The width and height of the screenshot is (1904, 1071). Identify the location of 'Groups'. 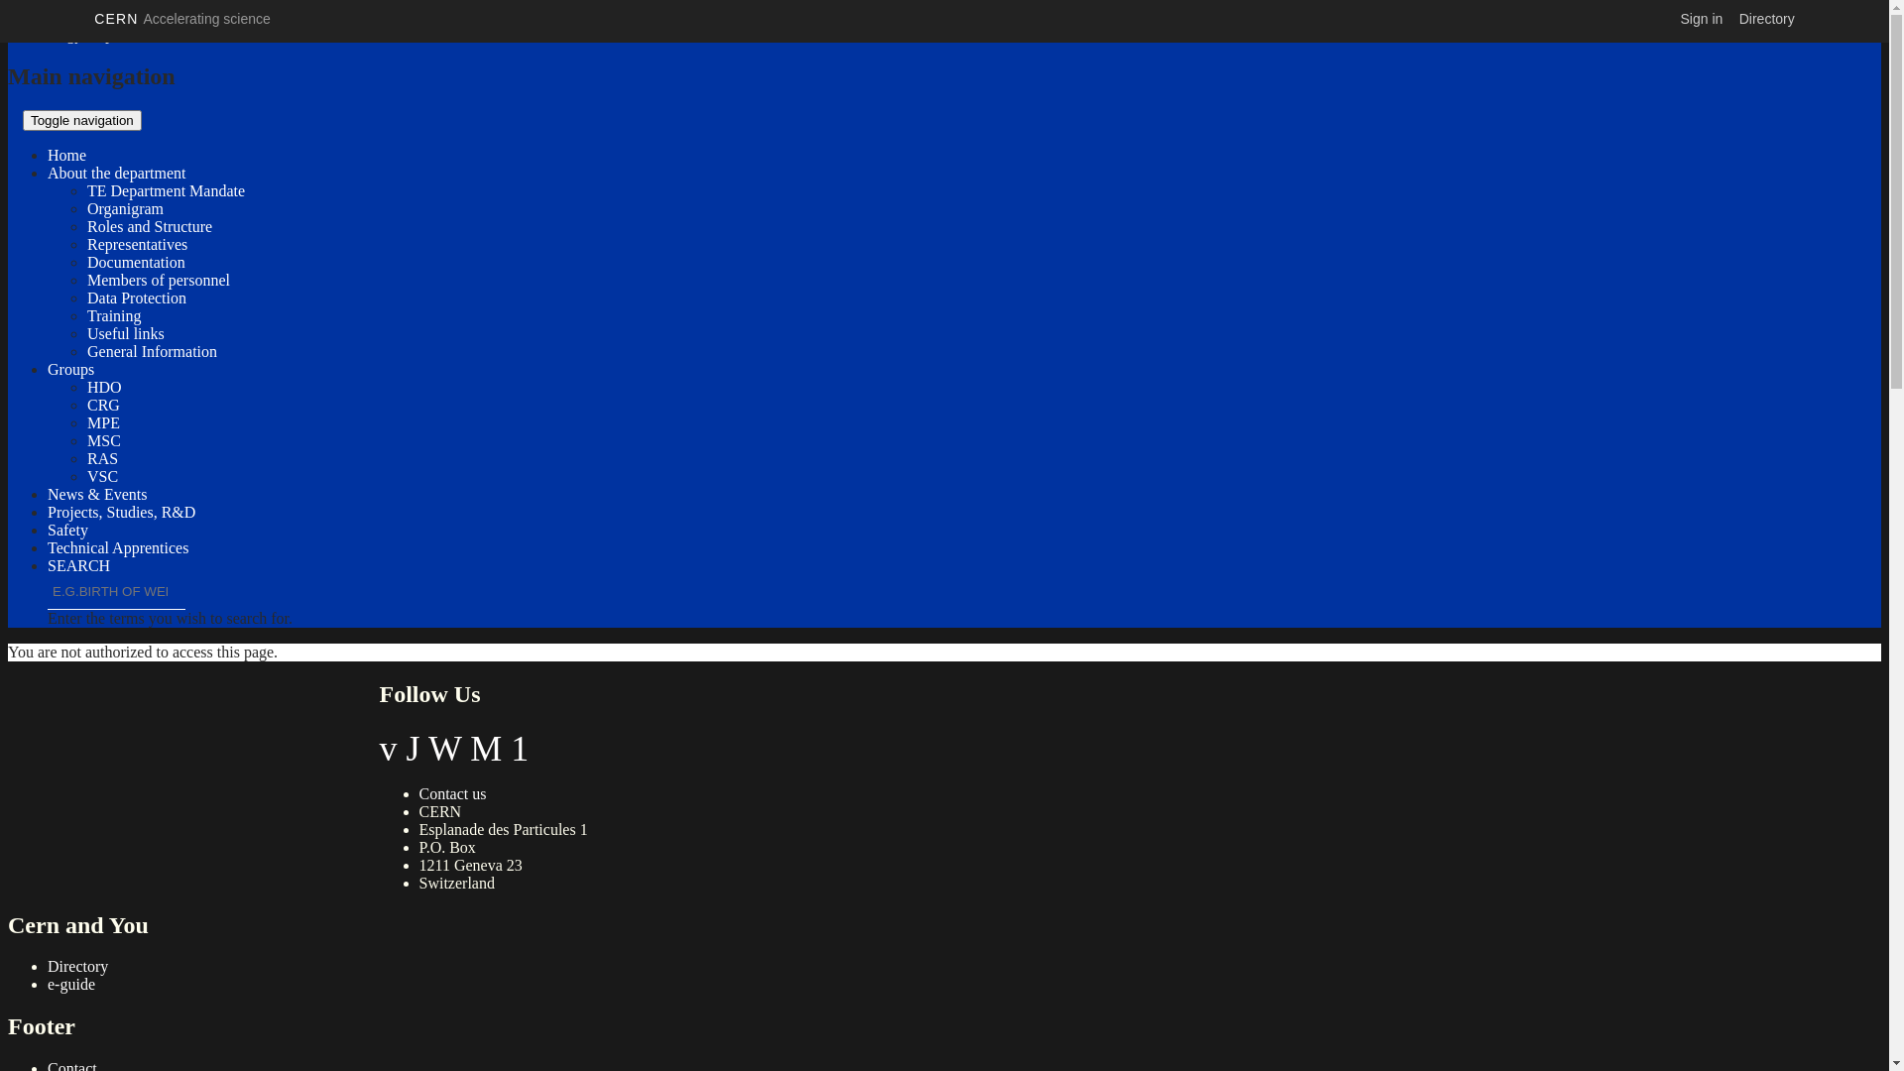
(70, 369).